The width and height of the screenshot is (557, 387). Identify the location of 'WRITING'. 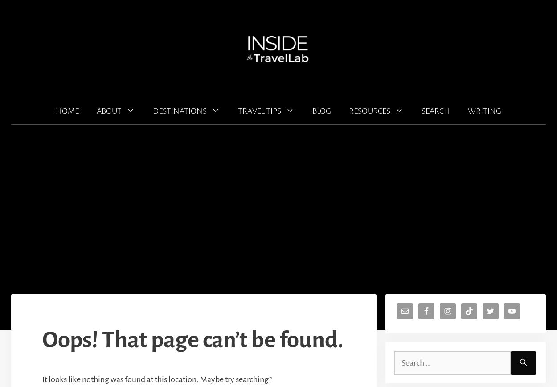
(484, 111).